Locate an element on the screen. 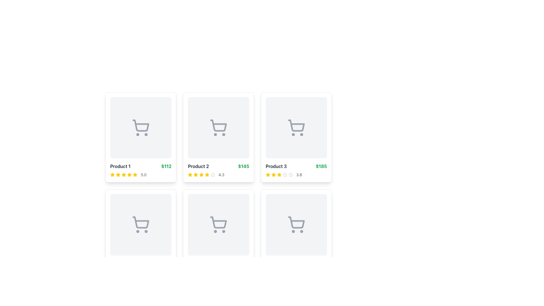 The height and width of the screenshot is (306, 544). the Placeholder Image, which is a square component with a light gray background and rounded corners, containing a centered shopping cart icon, located in the second row and second column of the grid layout, part of the card labeled 'Product 5' is located at coordinates (218, 224).